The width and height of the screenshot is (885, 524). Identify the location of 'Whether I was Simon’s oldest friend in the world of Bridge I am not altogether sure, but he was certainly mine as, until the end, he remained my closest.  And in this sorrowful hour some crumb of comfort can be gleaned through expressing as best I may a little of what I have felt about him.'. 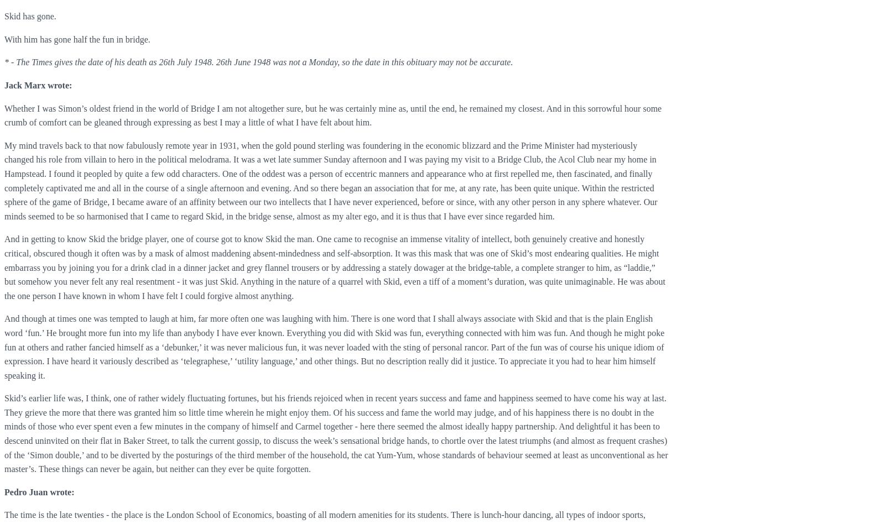
(4, 114).